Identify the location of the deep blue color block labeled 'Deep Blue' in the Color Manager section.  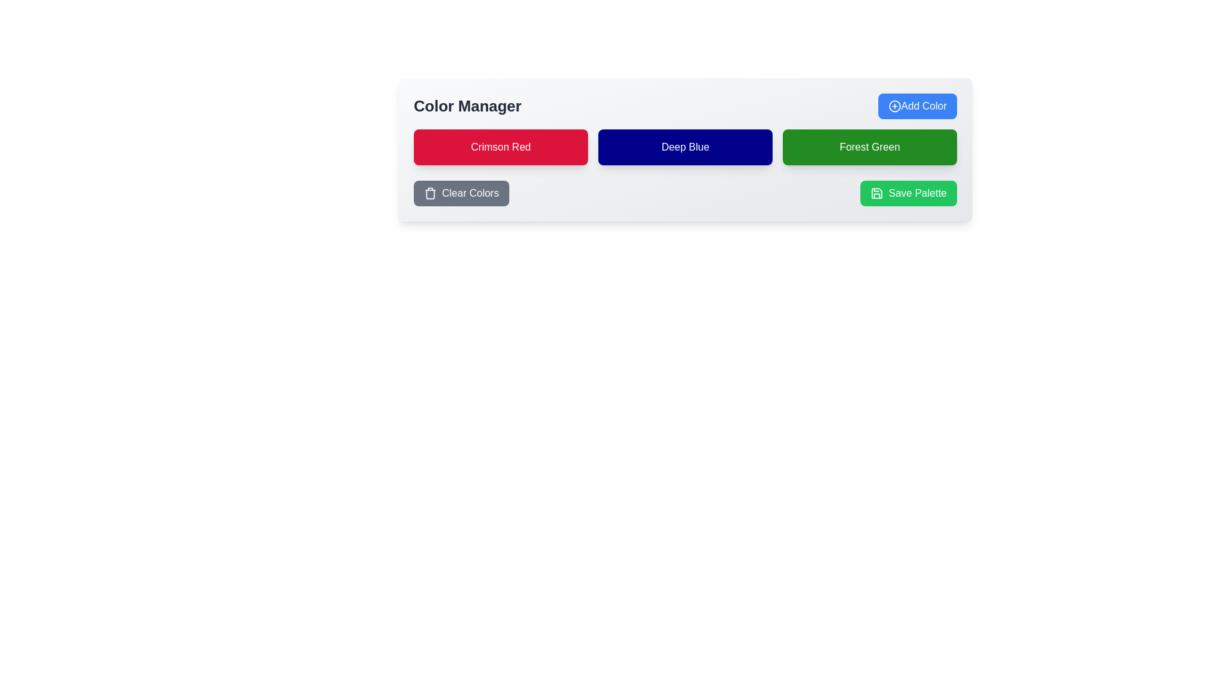
(685, 147).